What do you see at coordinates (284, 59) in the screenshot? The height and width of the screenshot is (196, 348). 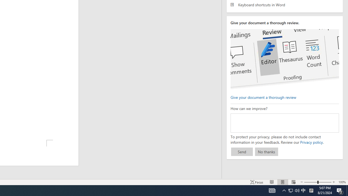 I see `'editor ui screenshot'` at bounding box center [284, 59].